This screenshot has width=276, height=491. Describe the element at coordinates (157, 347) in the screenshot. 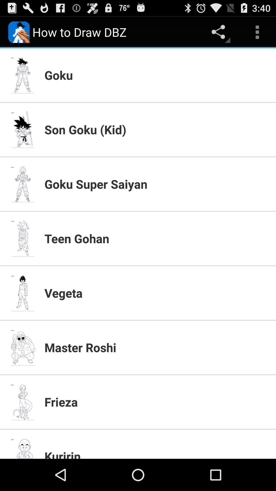

I see `the app above the frieza item` at that location.